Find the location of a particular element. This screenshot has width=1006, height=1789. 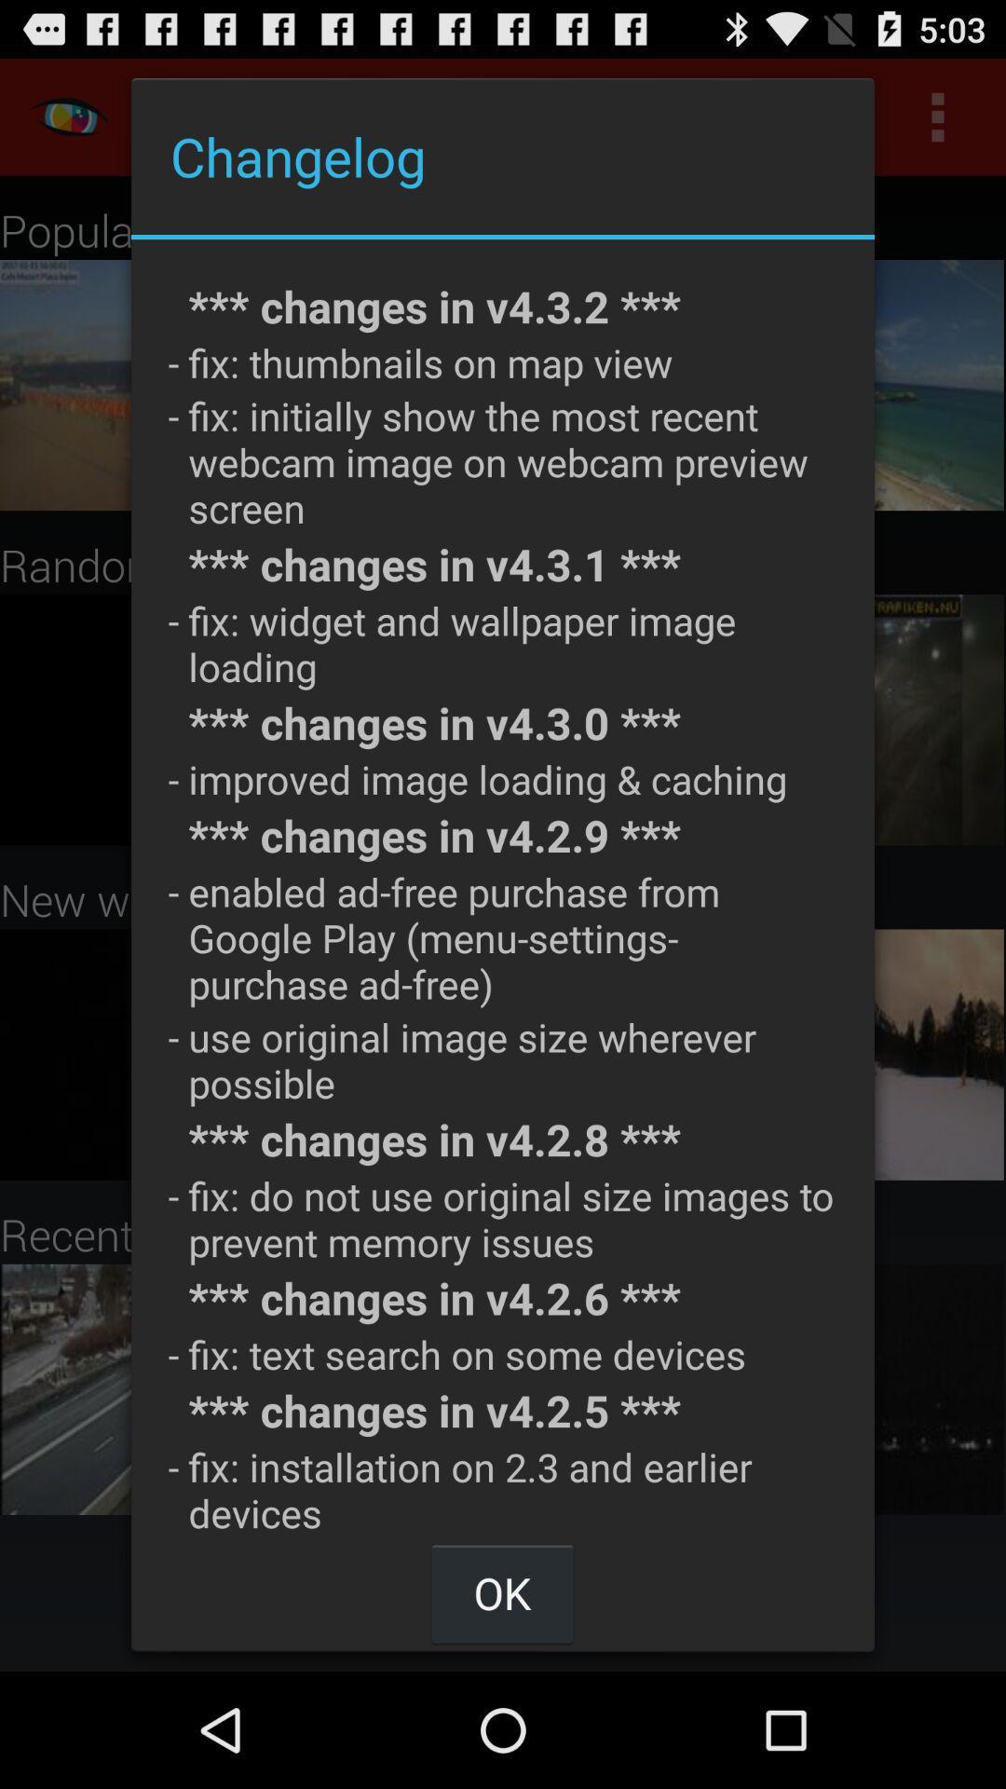

ok   icon is located at coordinates (501, 1591).